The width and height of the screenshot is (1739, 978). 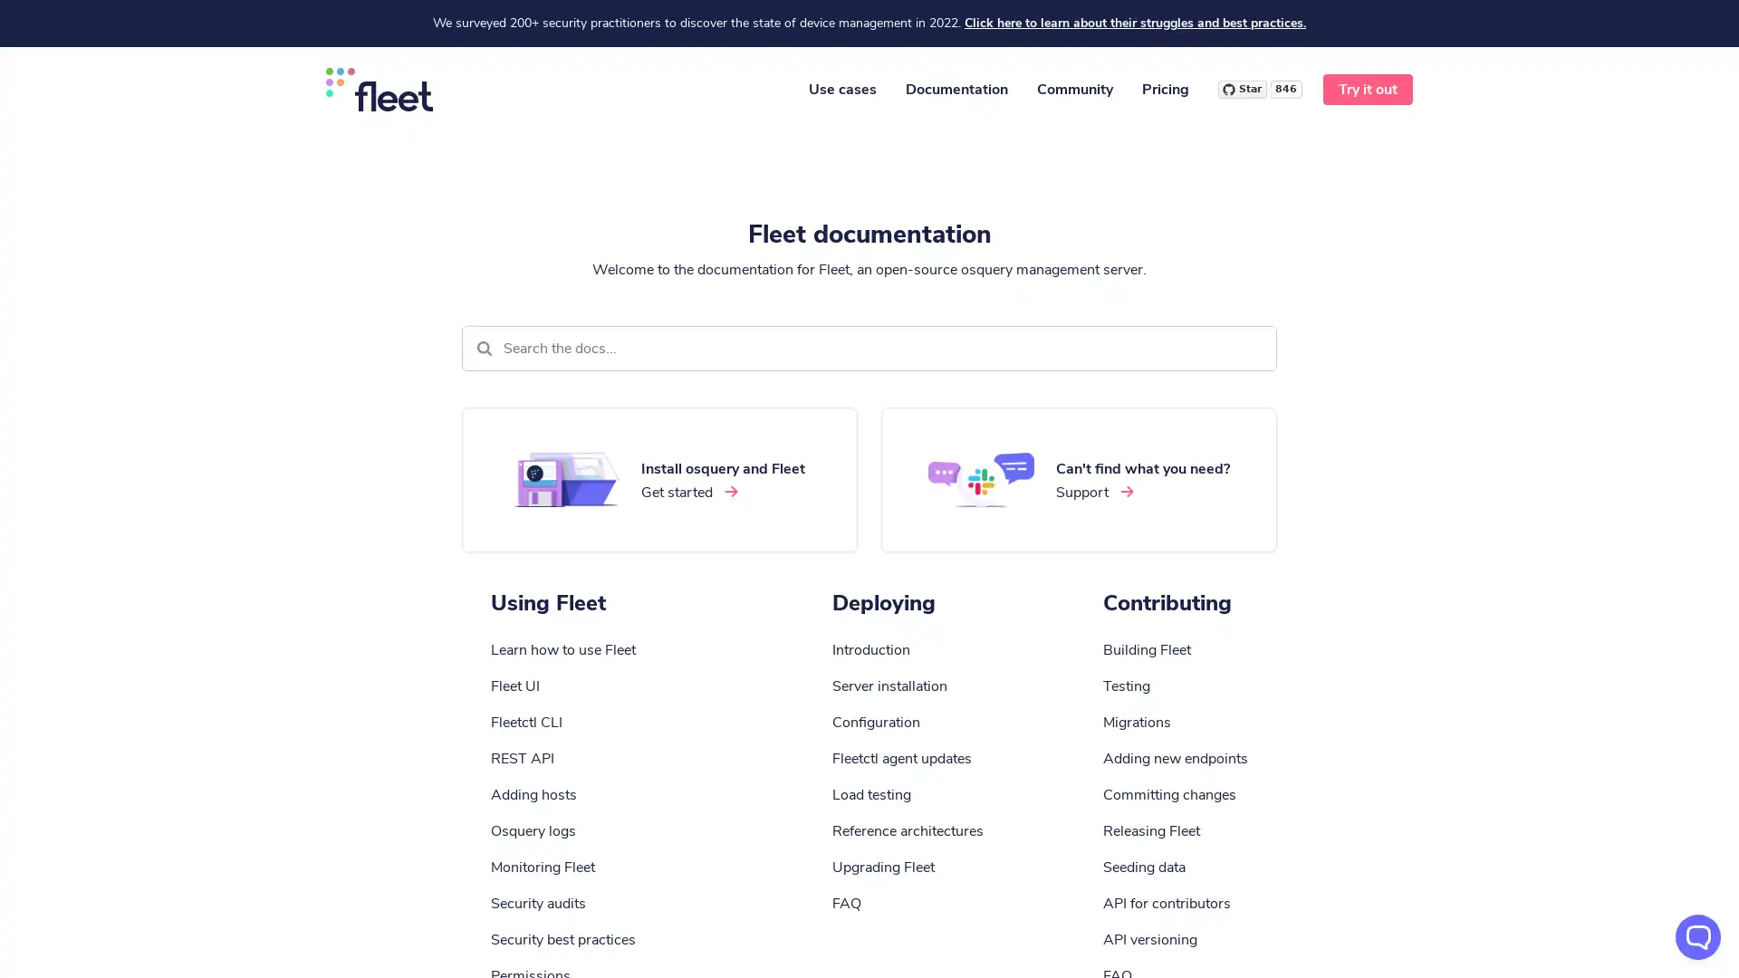 What do you see at coordinates (1697, 936) in the screenshot?
I see `Open chat widget` at bounding box center [1697, 936].